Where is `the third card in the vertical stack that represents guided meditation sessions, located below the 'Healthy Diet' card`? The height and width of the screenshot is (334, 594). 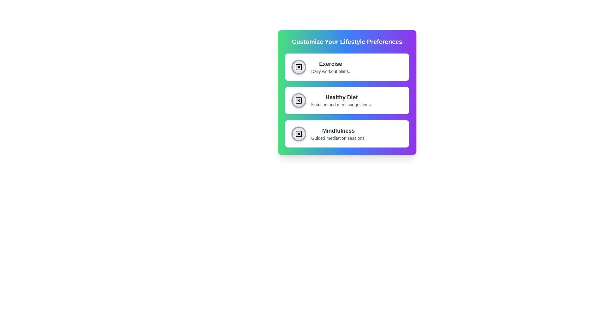 the third card in the vertical stack that represents guided meditation sessions, located below the 'Healthy Diet' card is located at coordinates (347, 133).